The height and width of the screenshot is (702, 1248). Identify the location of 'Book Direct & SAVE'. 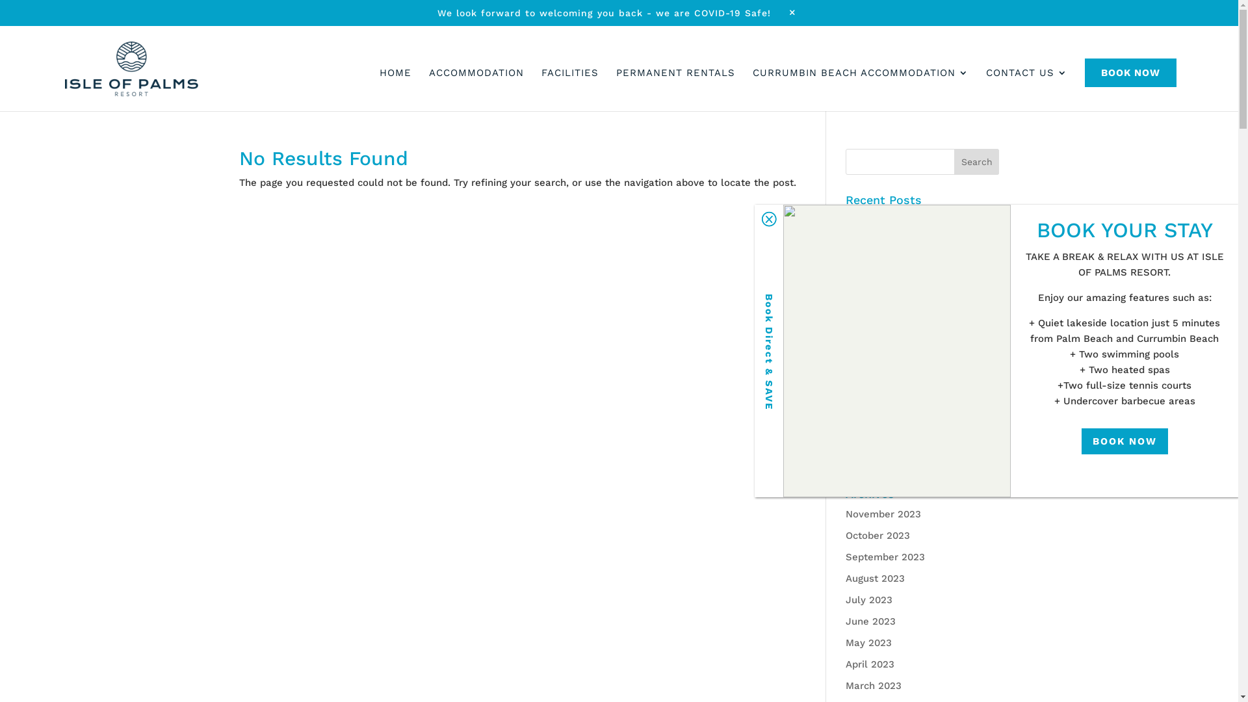
(755, 351).